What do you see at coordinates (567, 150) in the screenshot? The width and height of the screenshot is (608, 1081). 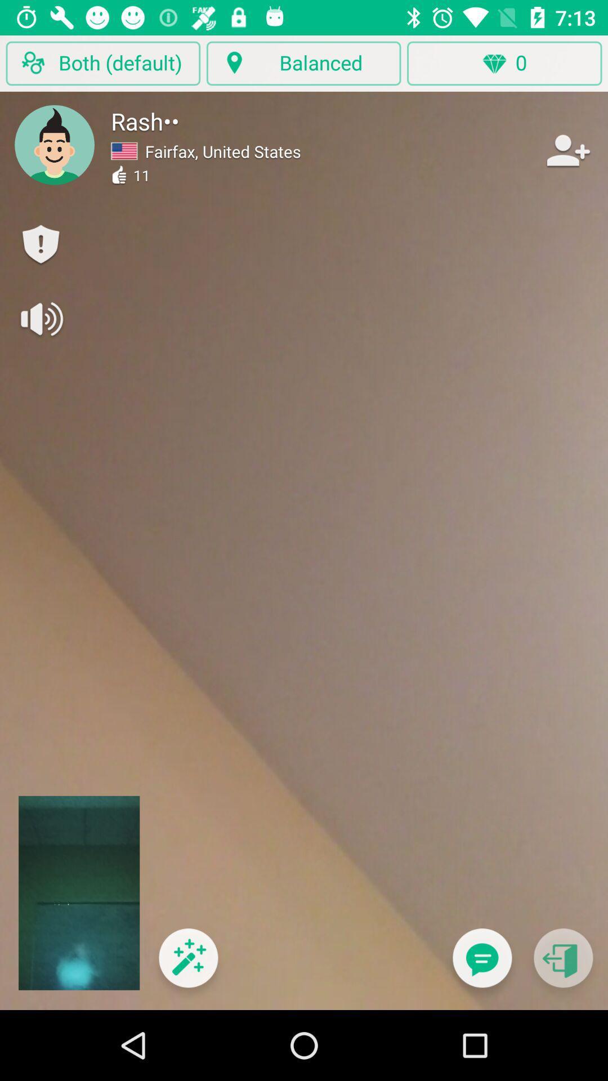 I see `the item next to fairfax, united states item` at bounding box center [567, 150].